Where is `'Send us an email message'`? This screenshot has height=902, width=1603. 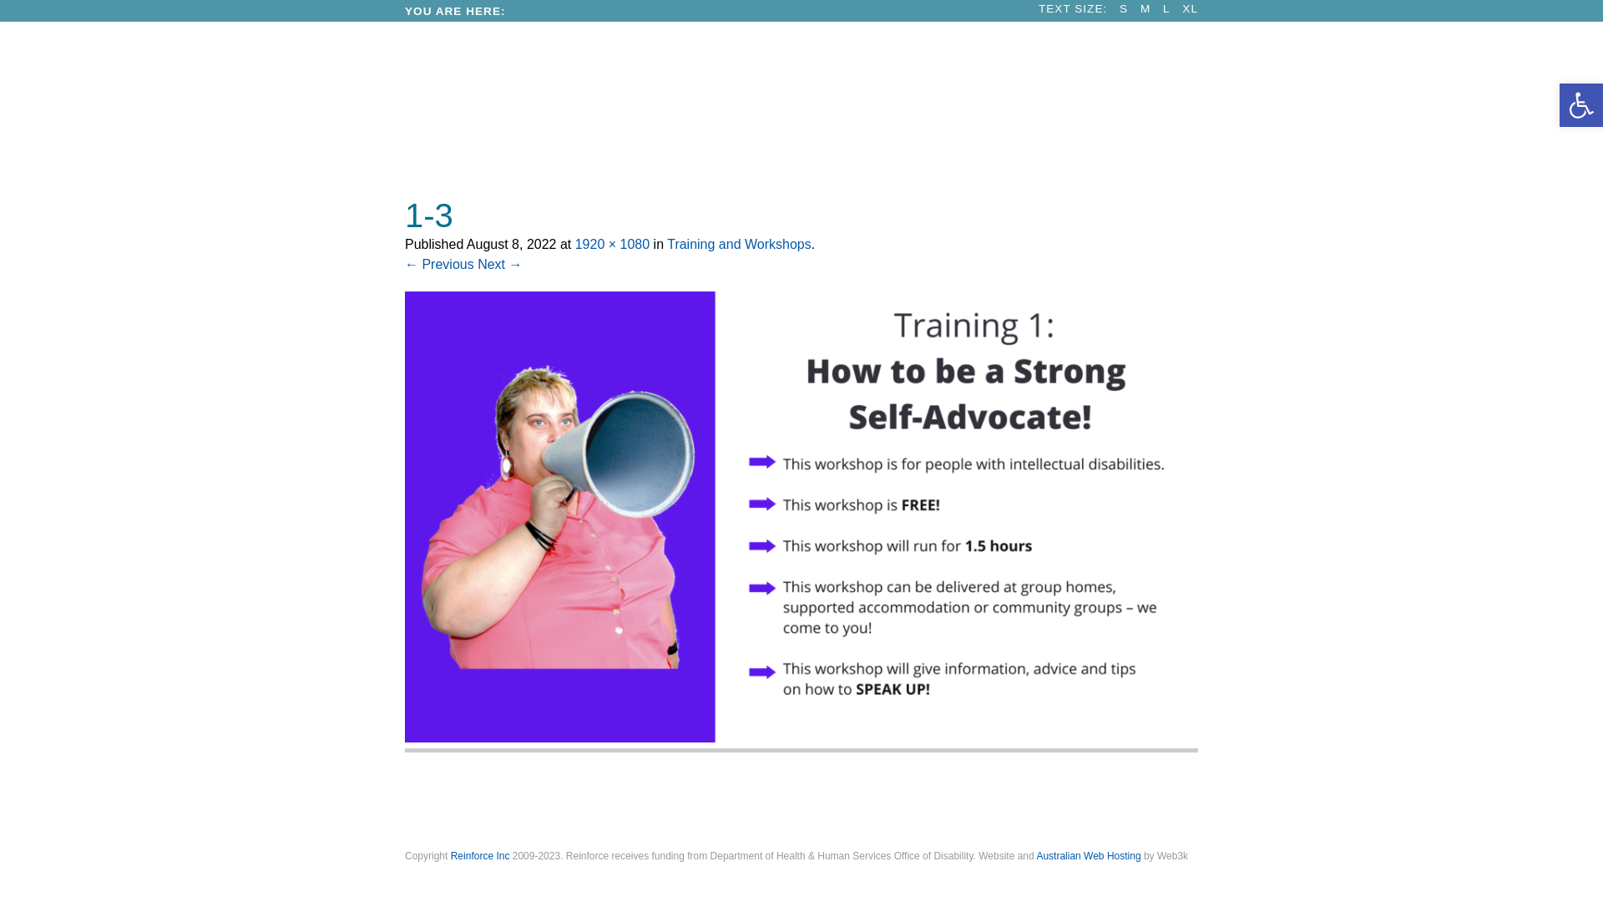 'Send us an email message' is located at coordinates (793, 805).